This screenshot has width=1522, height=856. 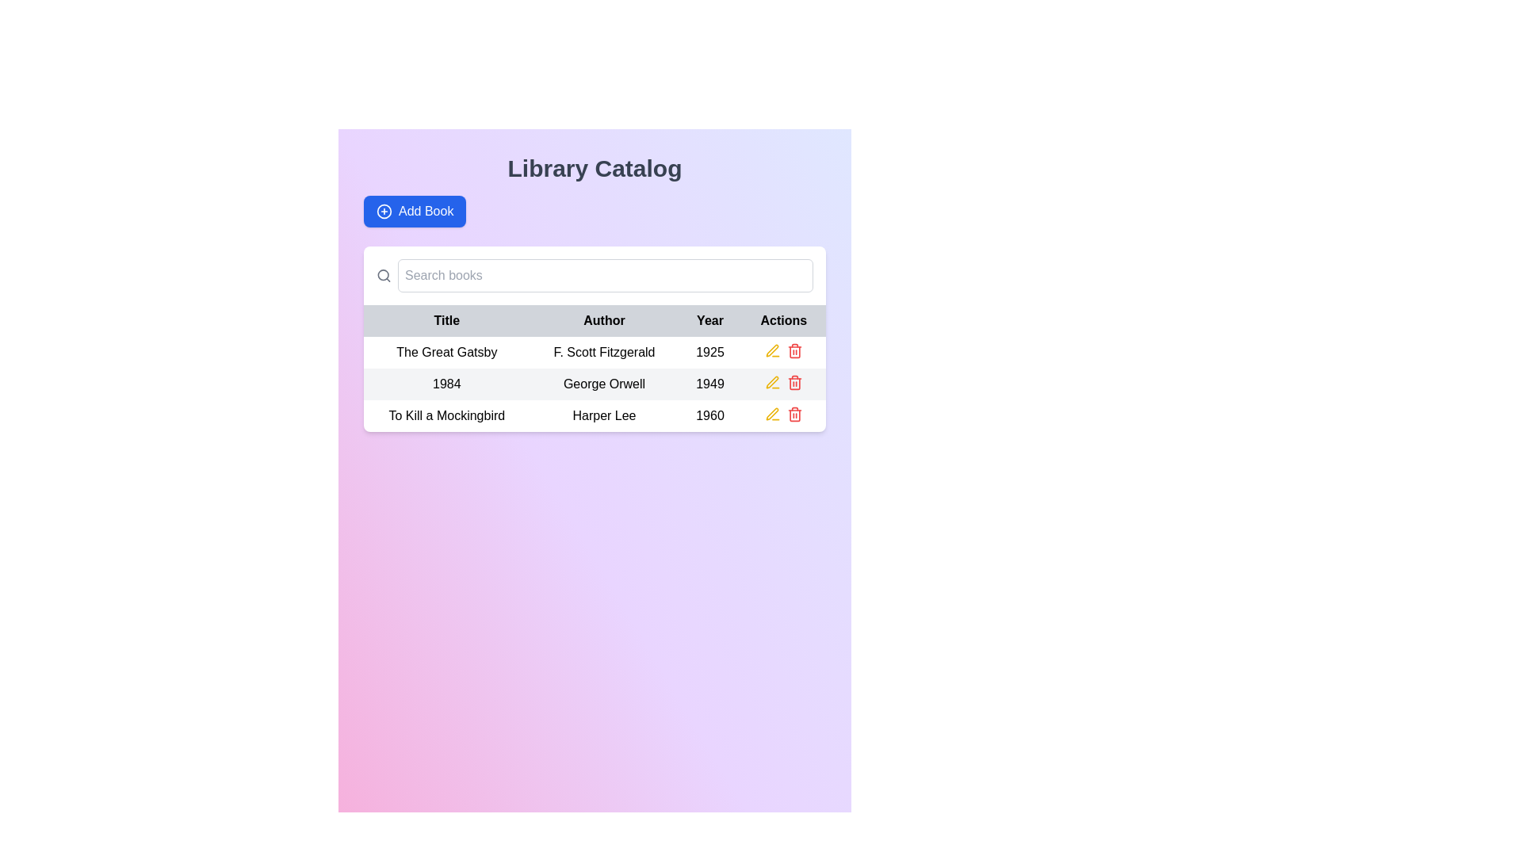 I want to click on the trash can icon element in the 'Actions' column, which is part of the SVG graphic representing the deletion function for the 'To Kill a Mockingbird' row, so click(x=794, y=351).